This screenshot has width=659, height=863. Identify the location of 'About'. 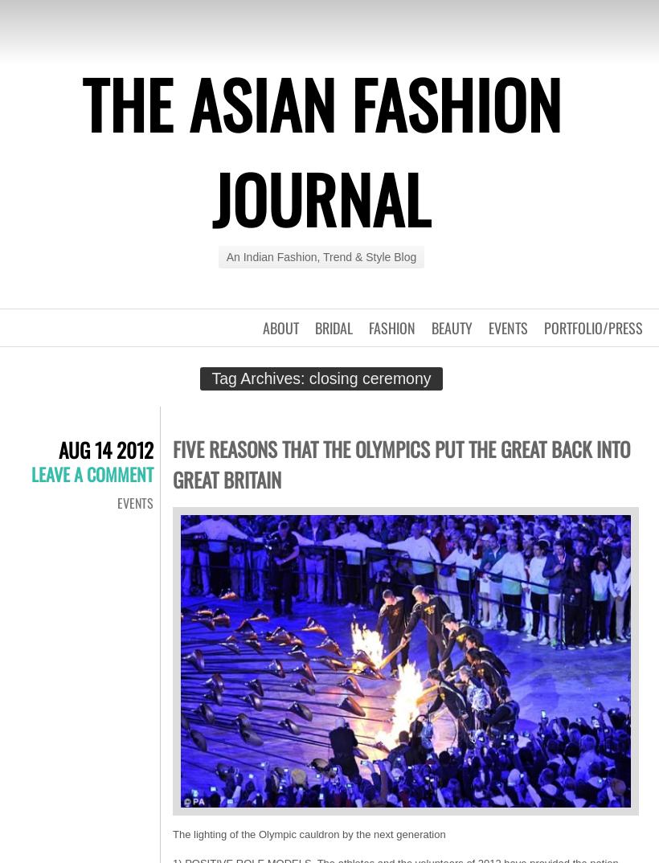
(280, 328).